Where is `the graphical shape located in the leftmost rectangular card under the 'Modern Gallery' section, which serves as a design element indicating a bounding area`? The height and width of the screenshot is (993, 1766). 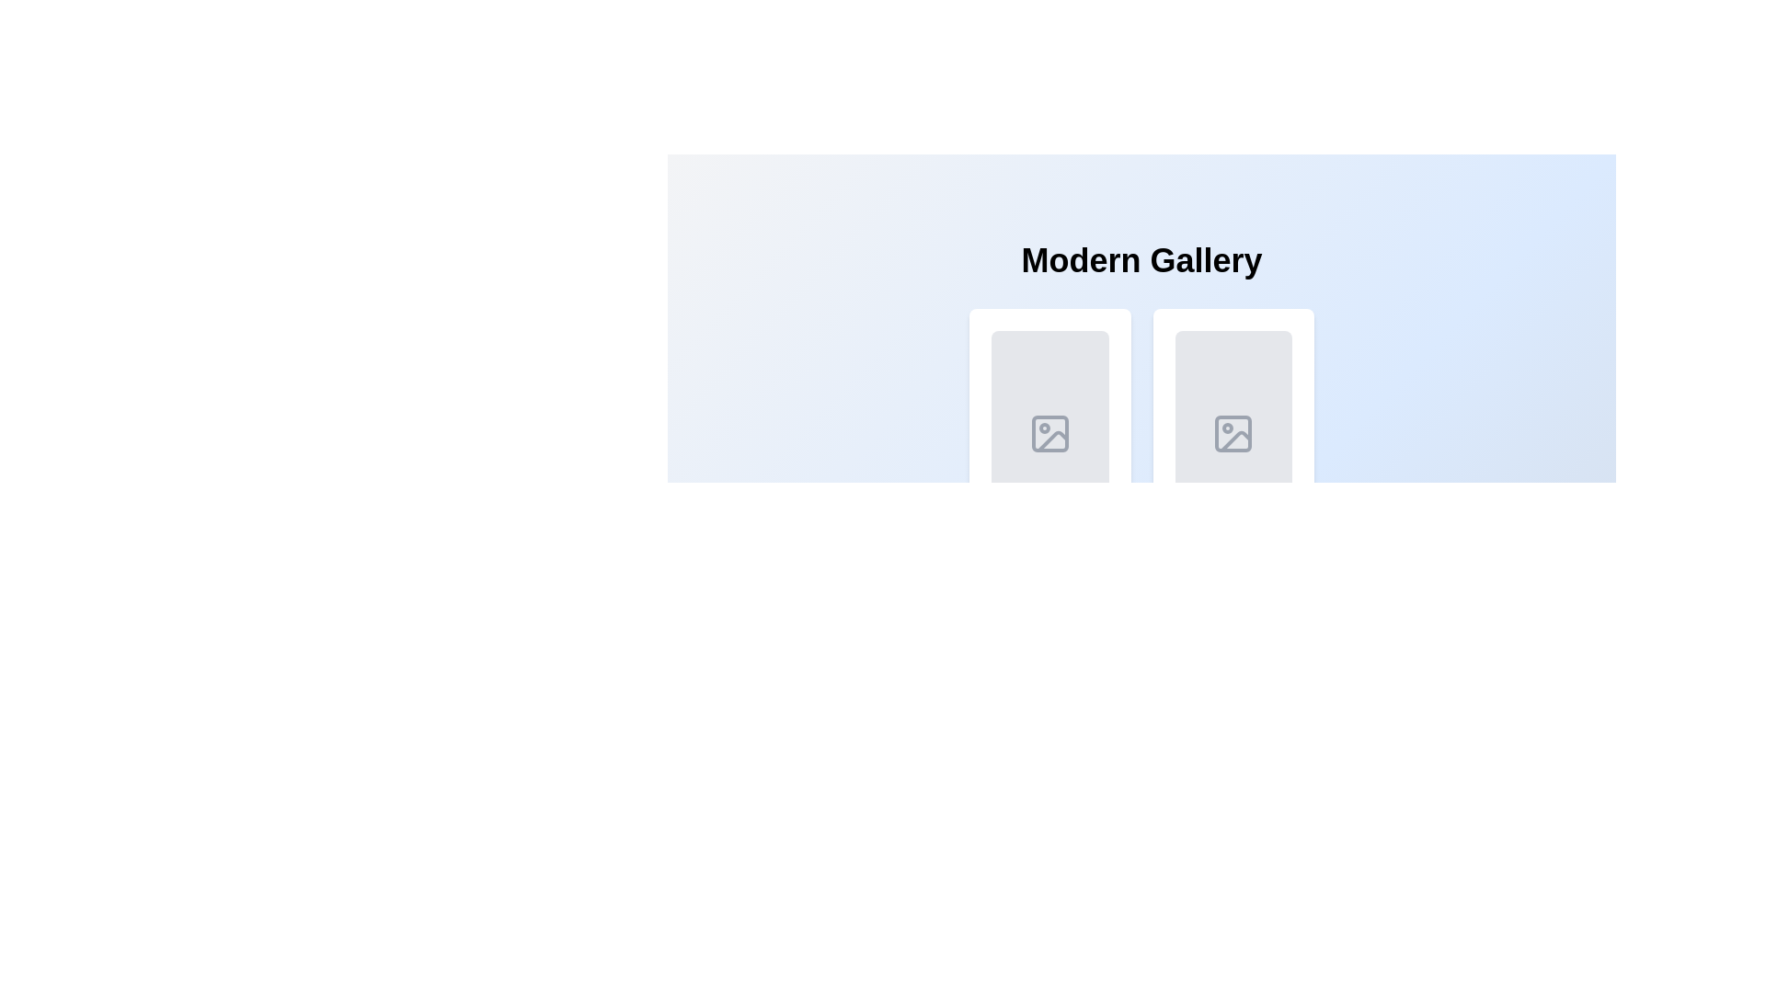
the graphical shape located in the leftmost rectangular card under the 'Modern Gallery' section, which serves as a design element indicating a bounding area is located at coordinates (1050, 433).